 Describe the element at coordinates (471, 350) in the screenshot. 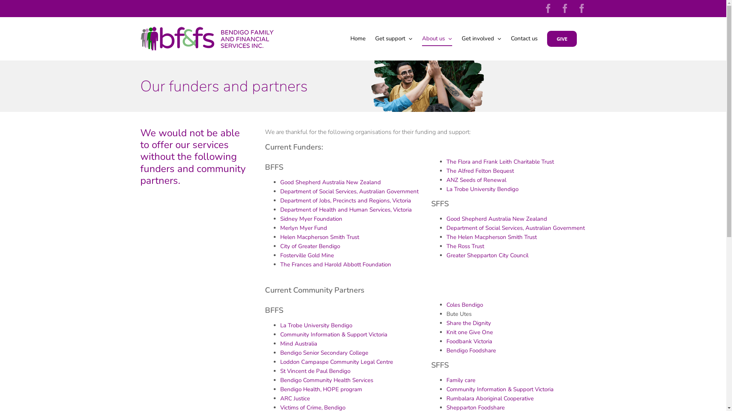

I see `'Bendigo Foodshare'` at that location.